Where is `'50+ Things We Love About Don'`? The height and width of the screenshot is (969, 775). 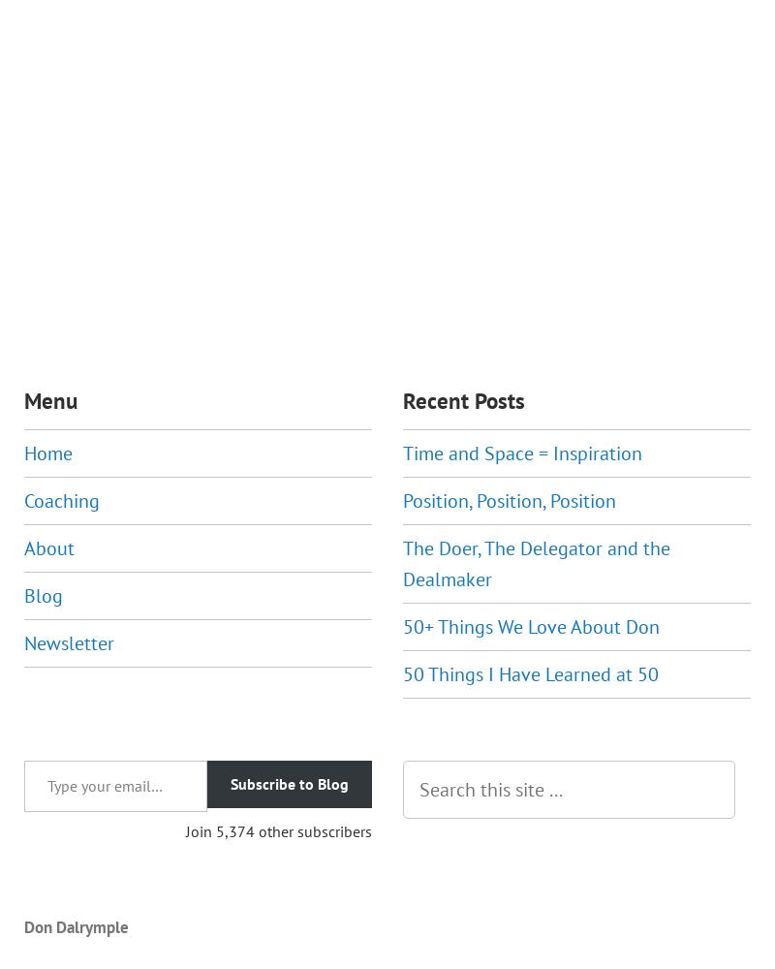 '50+ Things We Love About Don' is located at coordinates (531, 626).